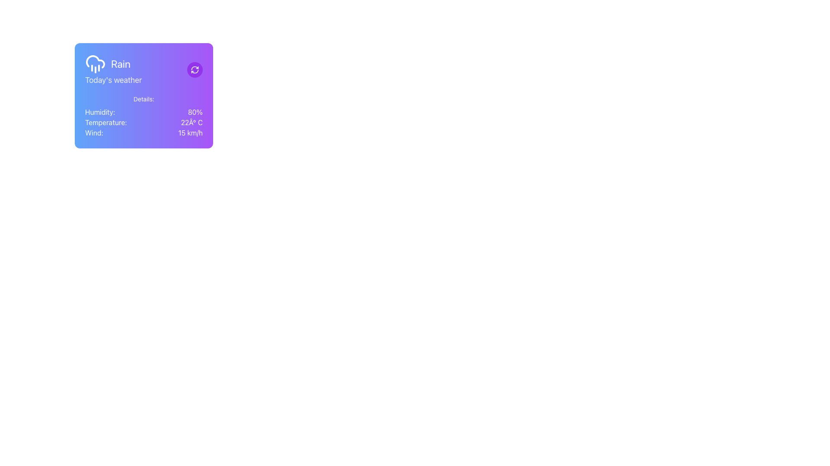 The image size is (830, 466). I want to click on the purple circular icon button located at the top-right corner of the weather information card to refresh the weather data, so click(195, 69).